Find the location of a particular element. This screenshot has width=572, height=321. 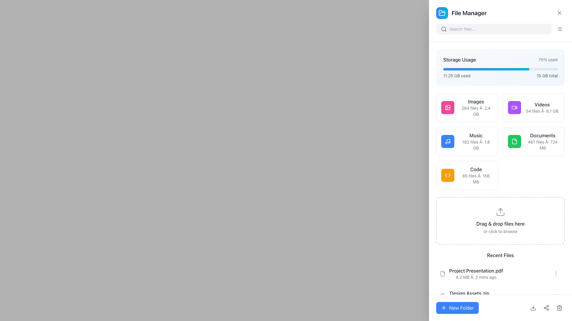

the vibrant green square icon with rounded corners that features a white document illustration, located in the 'Documents' section, to interact with it is located at coordinates (514, 141).